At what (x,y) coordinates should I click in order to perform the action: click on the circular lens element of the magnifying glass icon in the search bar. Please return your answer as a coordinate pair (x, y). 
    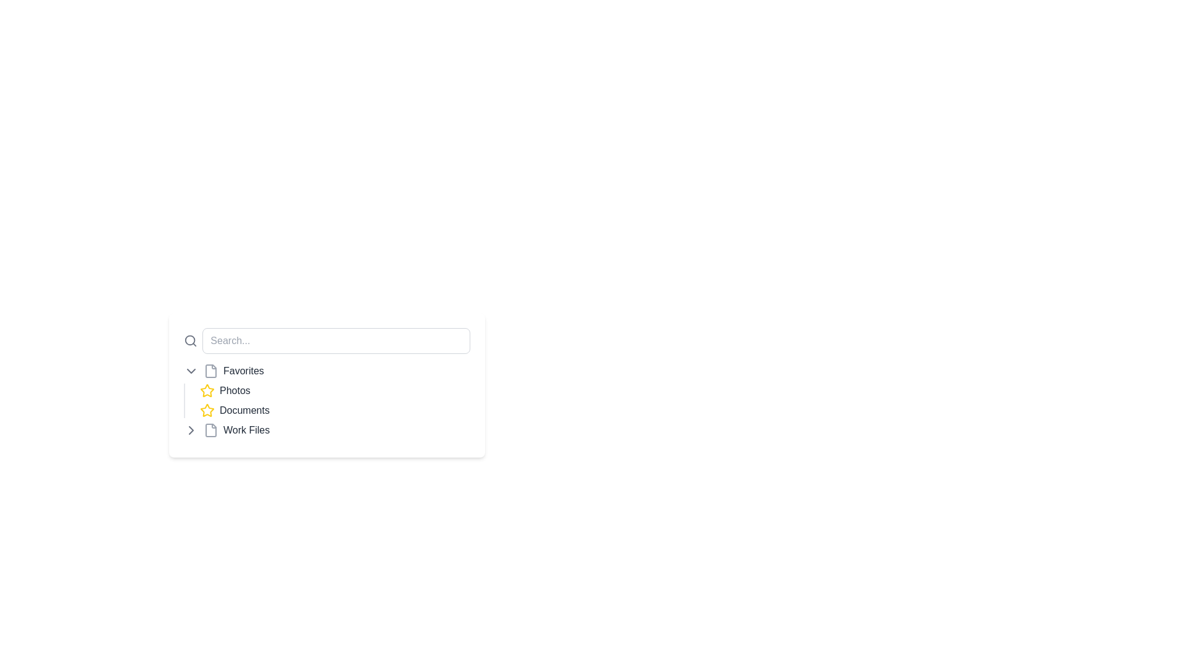
    Looking at the image, I should click on (189, 340).